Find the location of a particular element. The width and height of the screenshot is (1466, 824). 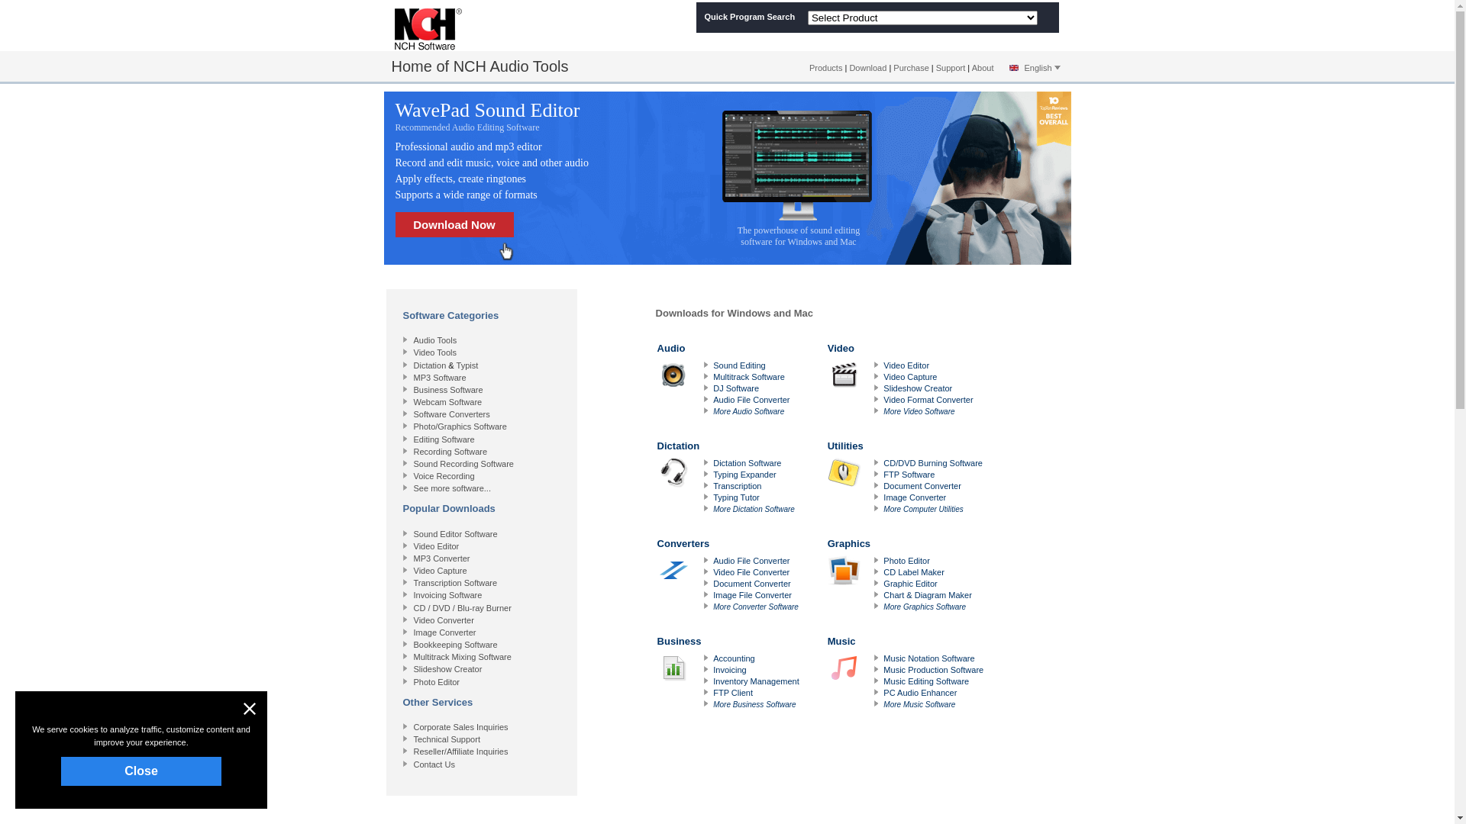

'Audio File Converter' is located at coordinates (751, 399).